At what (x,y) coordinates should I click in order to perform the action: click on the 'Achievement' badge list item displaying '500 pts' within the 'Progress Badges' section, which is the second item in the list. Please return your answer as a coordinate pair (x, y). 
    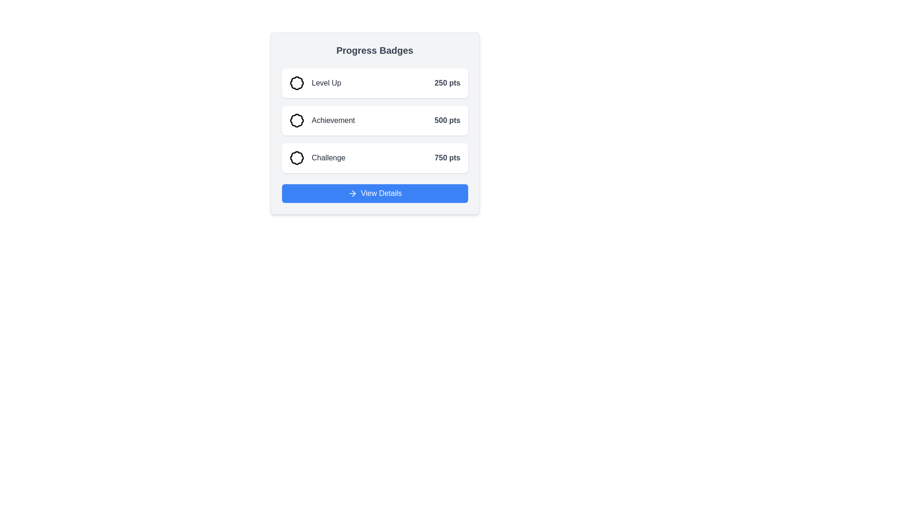
    Looking at the image, I should click on (375, 120).